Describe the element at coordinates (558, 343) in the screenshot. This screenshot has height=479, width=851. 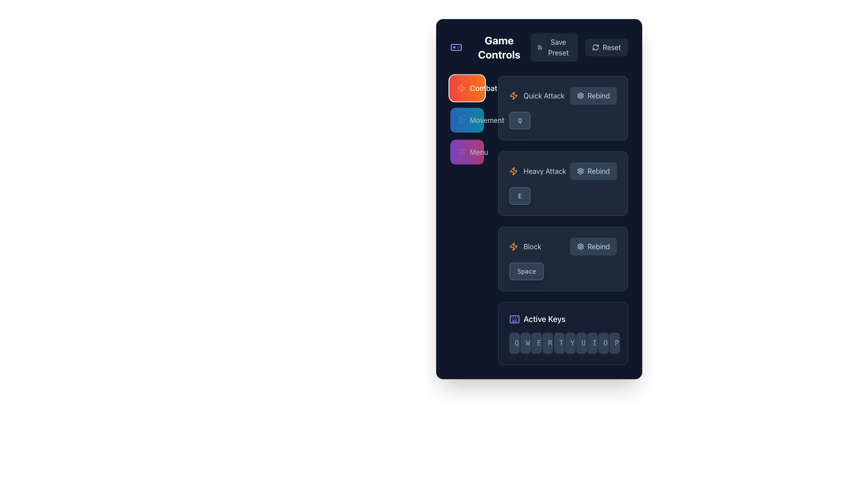
I see `the fifth button labeled 'T' in the Active Keys section, which has a slate-gray color with rounded corners` at that location.